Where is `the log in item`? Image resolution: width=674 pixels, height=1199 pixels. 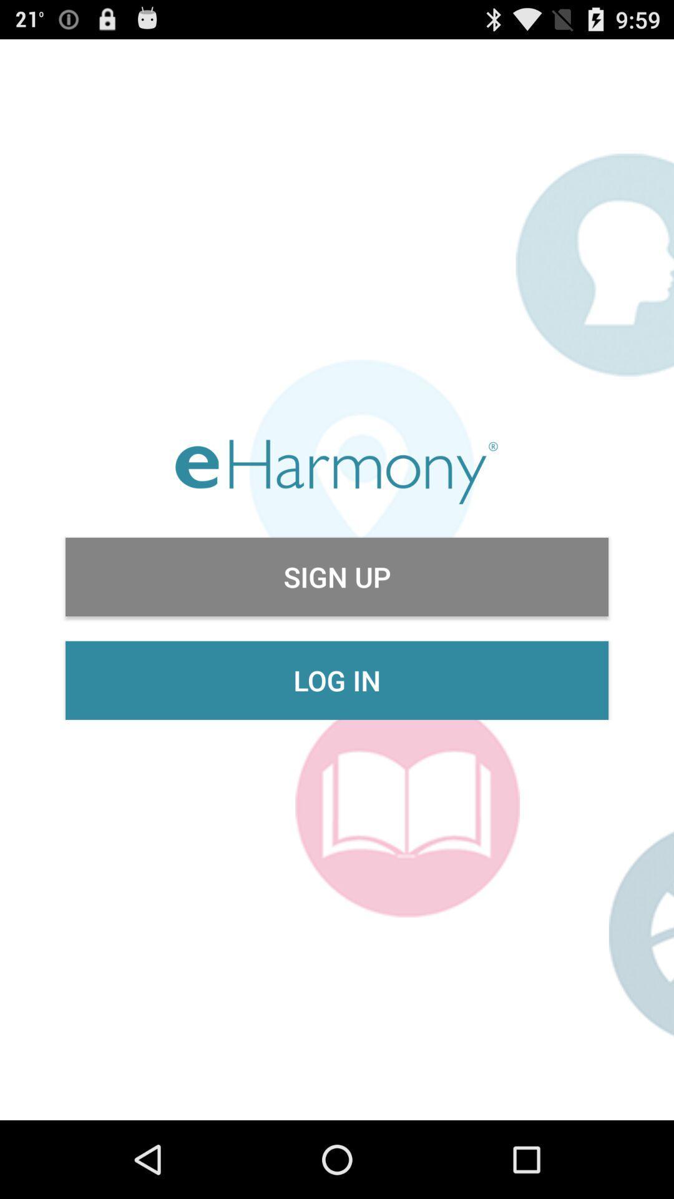
the log in item is located at coordinates (337, 679).